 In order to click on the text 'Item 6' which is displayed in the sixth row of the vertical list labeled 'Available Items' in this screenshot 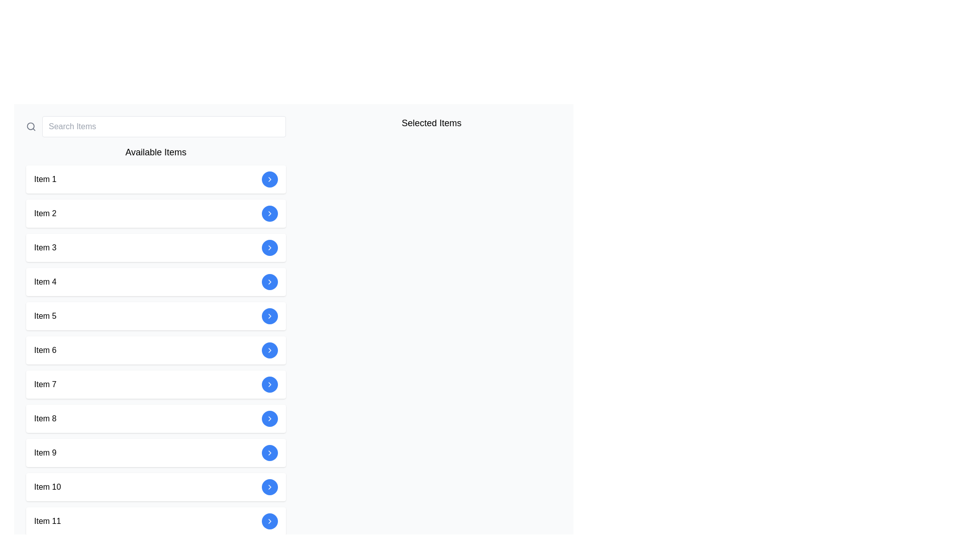, I will do `click(45, 350)`.